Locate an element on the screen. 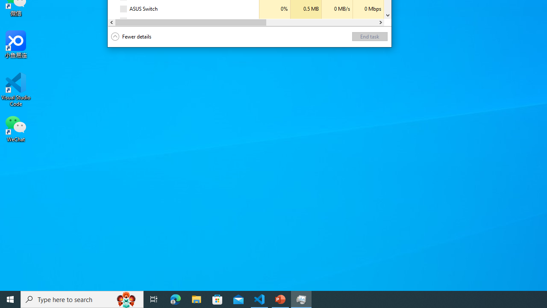 The image size is (547, 308). 'End task' is located at coordinates (370, 36).